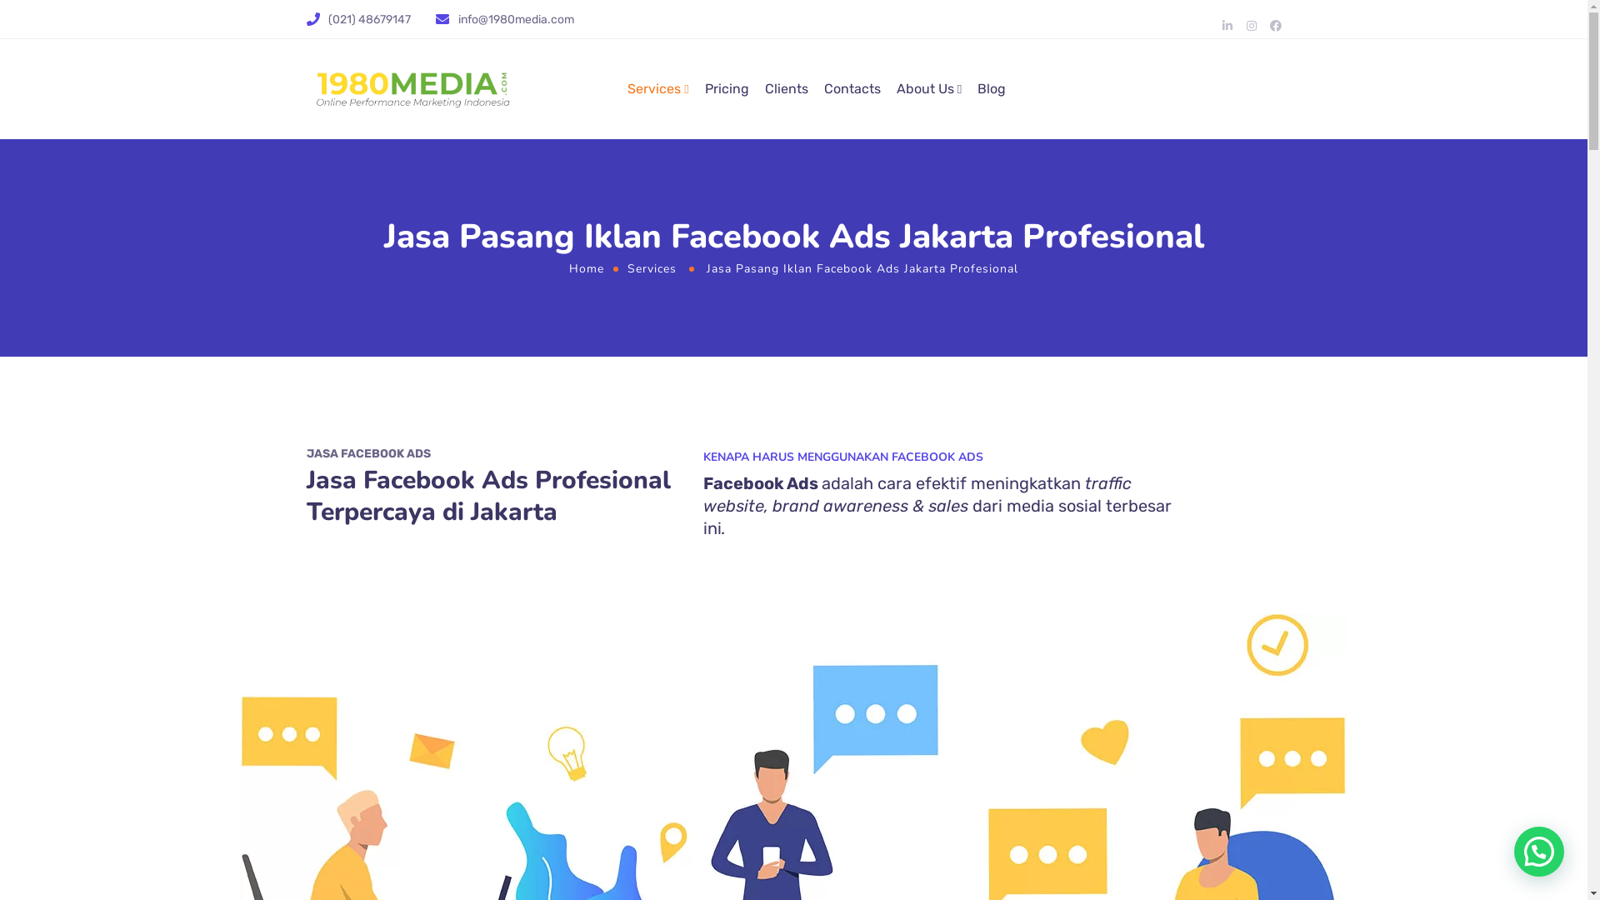 The image size is (1600, 900). What do you see at coordinates (786, 89) in the screenshot?
I see `'Clients'` at bounding box center [786, 89].